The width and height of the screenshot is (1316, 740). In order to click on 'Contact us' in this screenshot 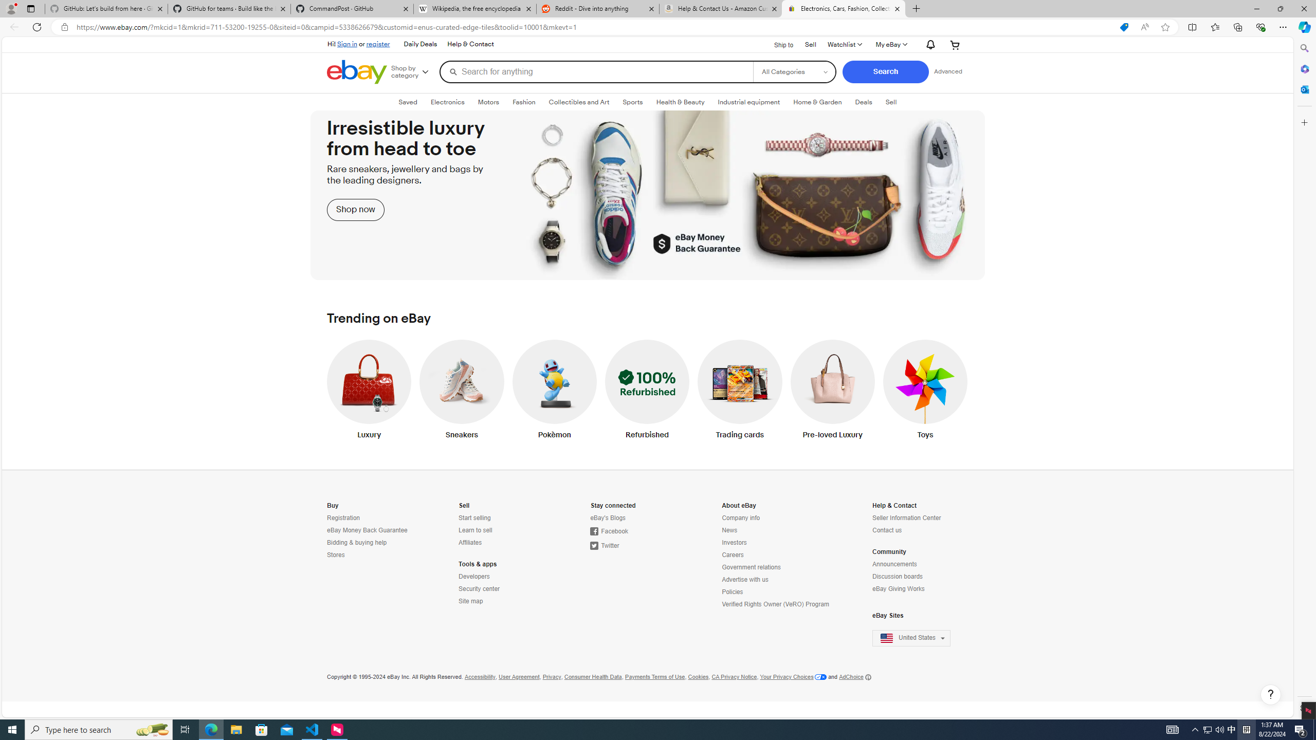, I will do `click(887, 530)`.